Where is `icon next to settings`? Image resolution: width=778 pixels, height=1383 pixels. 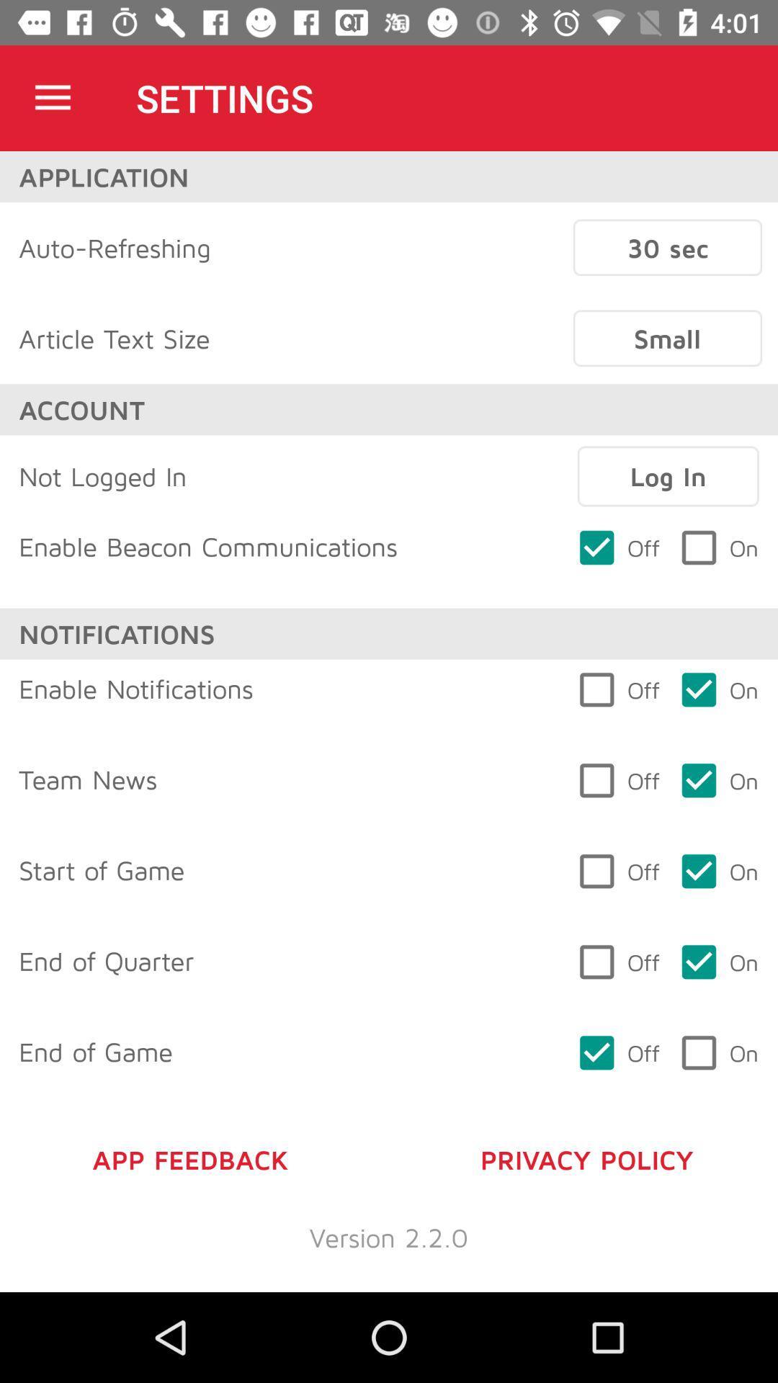 icon next to settings is located at coordinates (52, 97).